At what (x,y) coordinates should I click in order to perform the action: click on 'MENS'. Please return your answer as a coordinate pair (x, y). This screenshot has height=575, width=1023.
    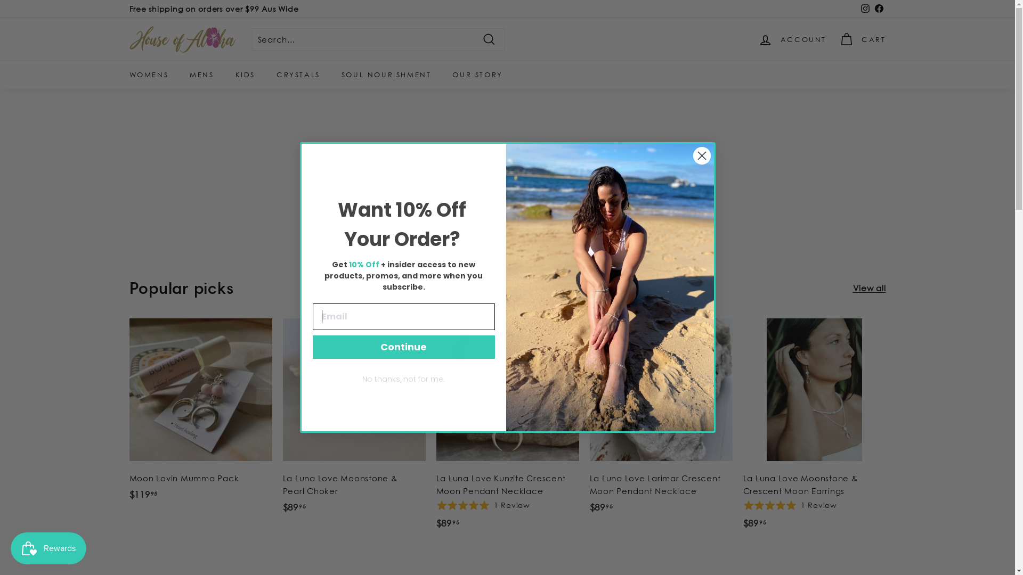
    Looking at the image, I should click on (201, 74).